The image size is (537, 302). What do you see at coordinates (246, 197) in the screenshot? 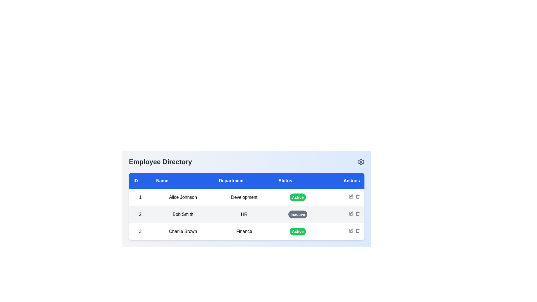
I see `the first row of the employee directory table to select the employee's details for editing or viewing` at bounding box center [246, 197].